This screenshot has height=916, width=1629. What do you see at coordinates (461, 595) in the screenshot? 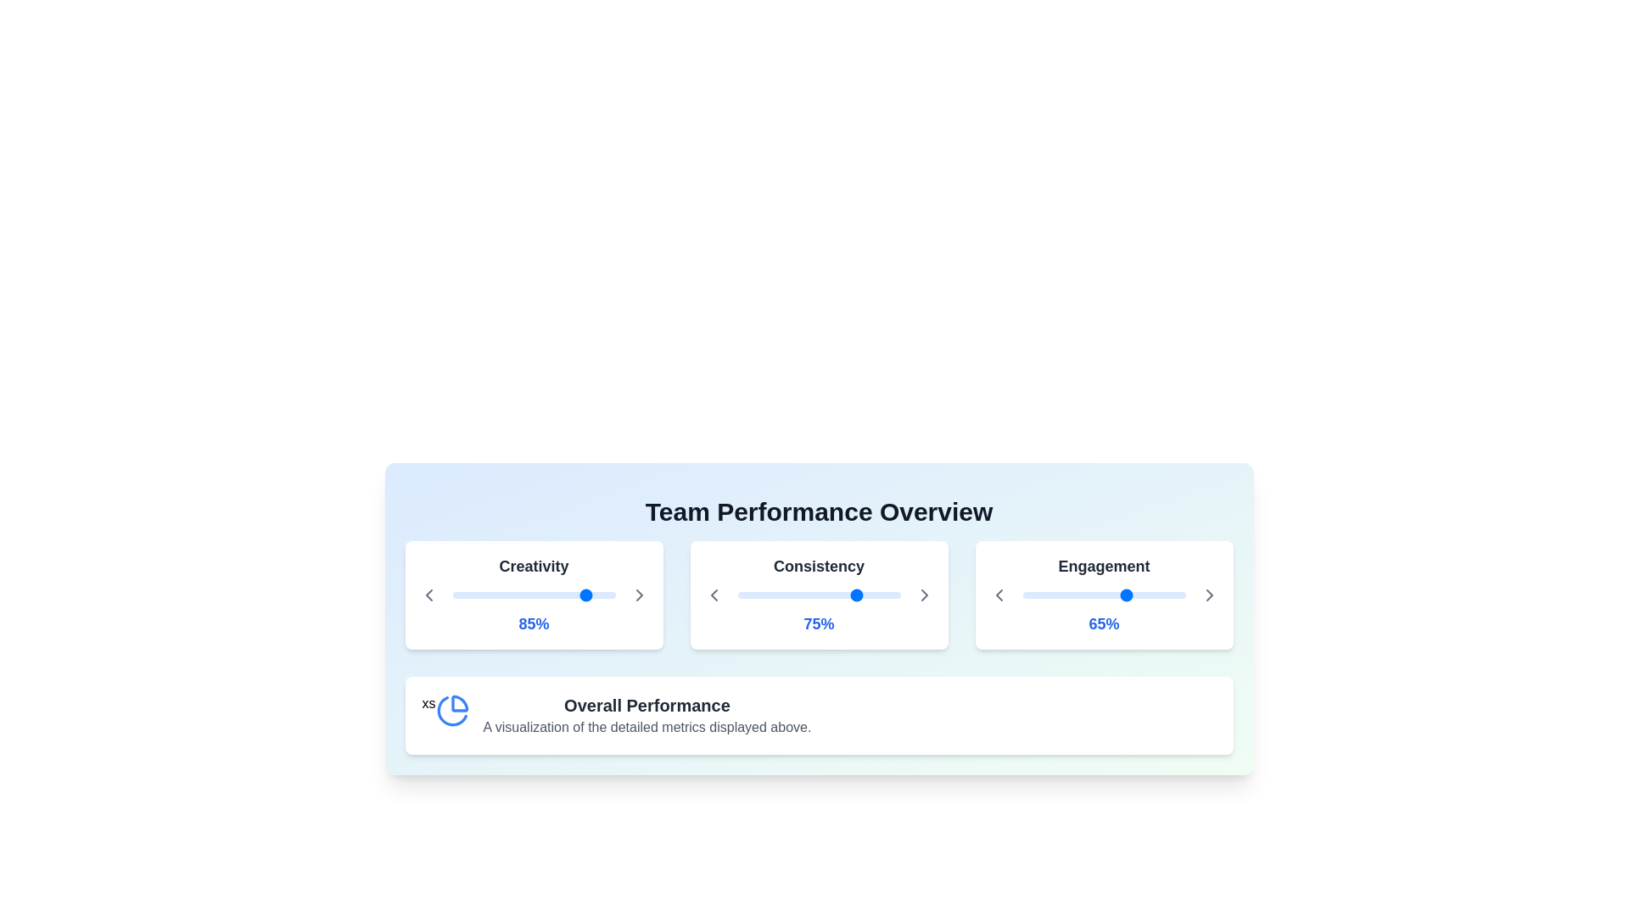
I see `the slider` at bounding box center [461, 595].